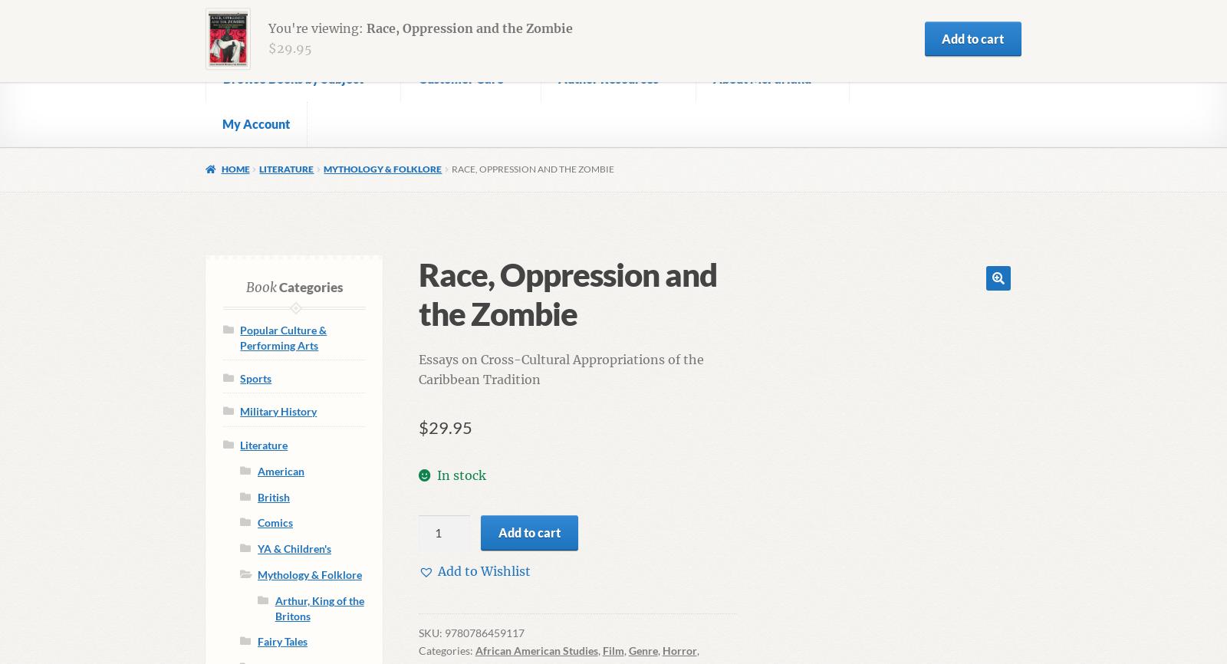  I want to click on 'Fairy Tales', so click(281, 640).